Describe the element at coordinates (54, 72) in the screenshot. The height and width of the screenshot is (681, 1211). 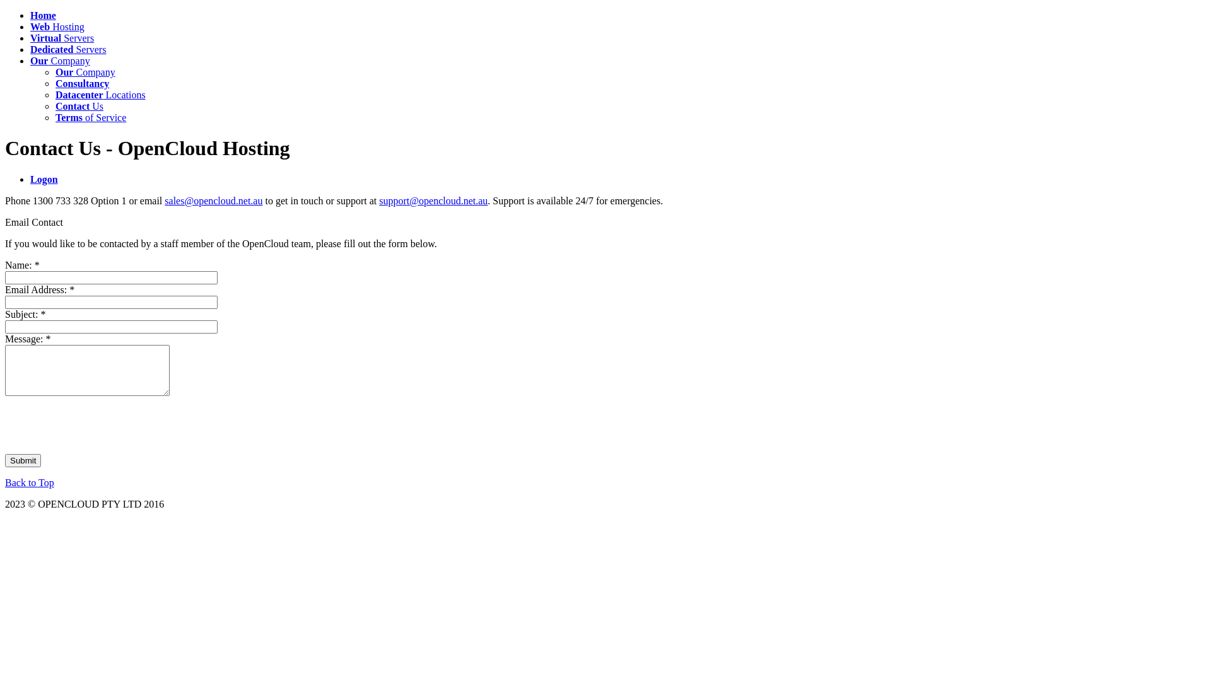
I see `'Our Company'` at that location.